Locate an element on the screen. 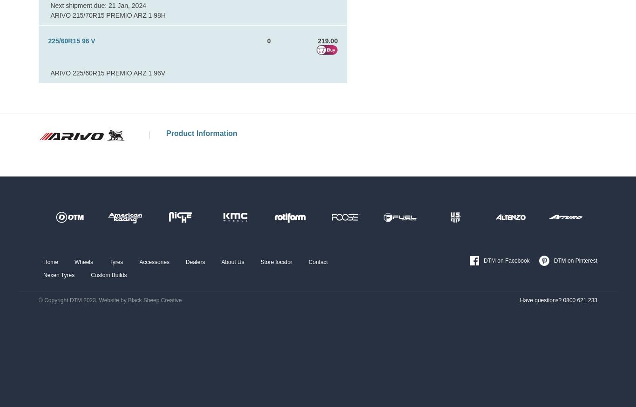  'ARIVO 225/60R15 PREMIO ARZ 1 96V' is located at coordinates (108, 72).